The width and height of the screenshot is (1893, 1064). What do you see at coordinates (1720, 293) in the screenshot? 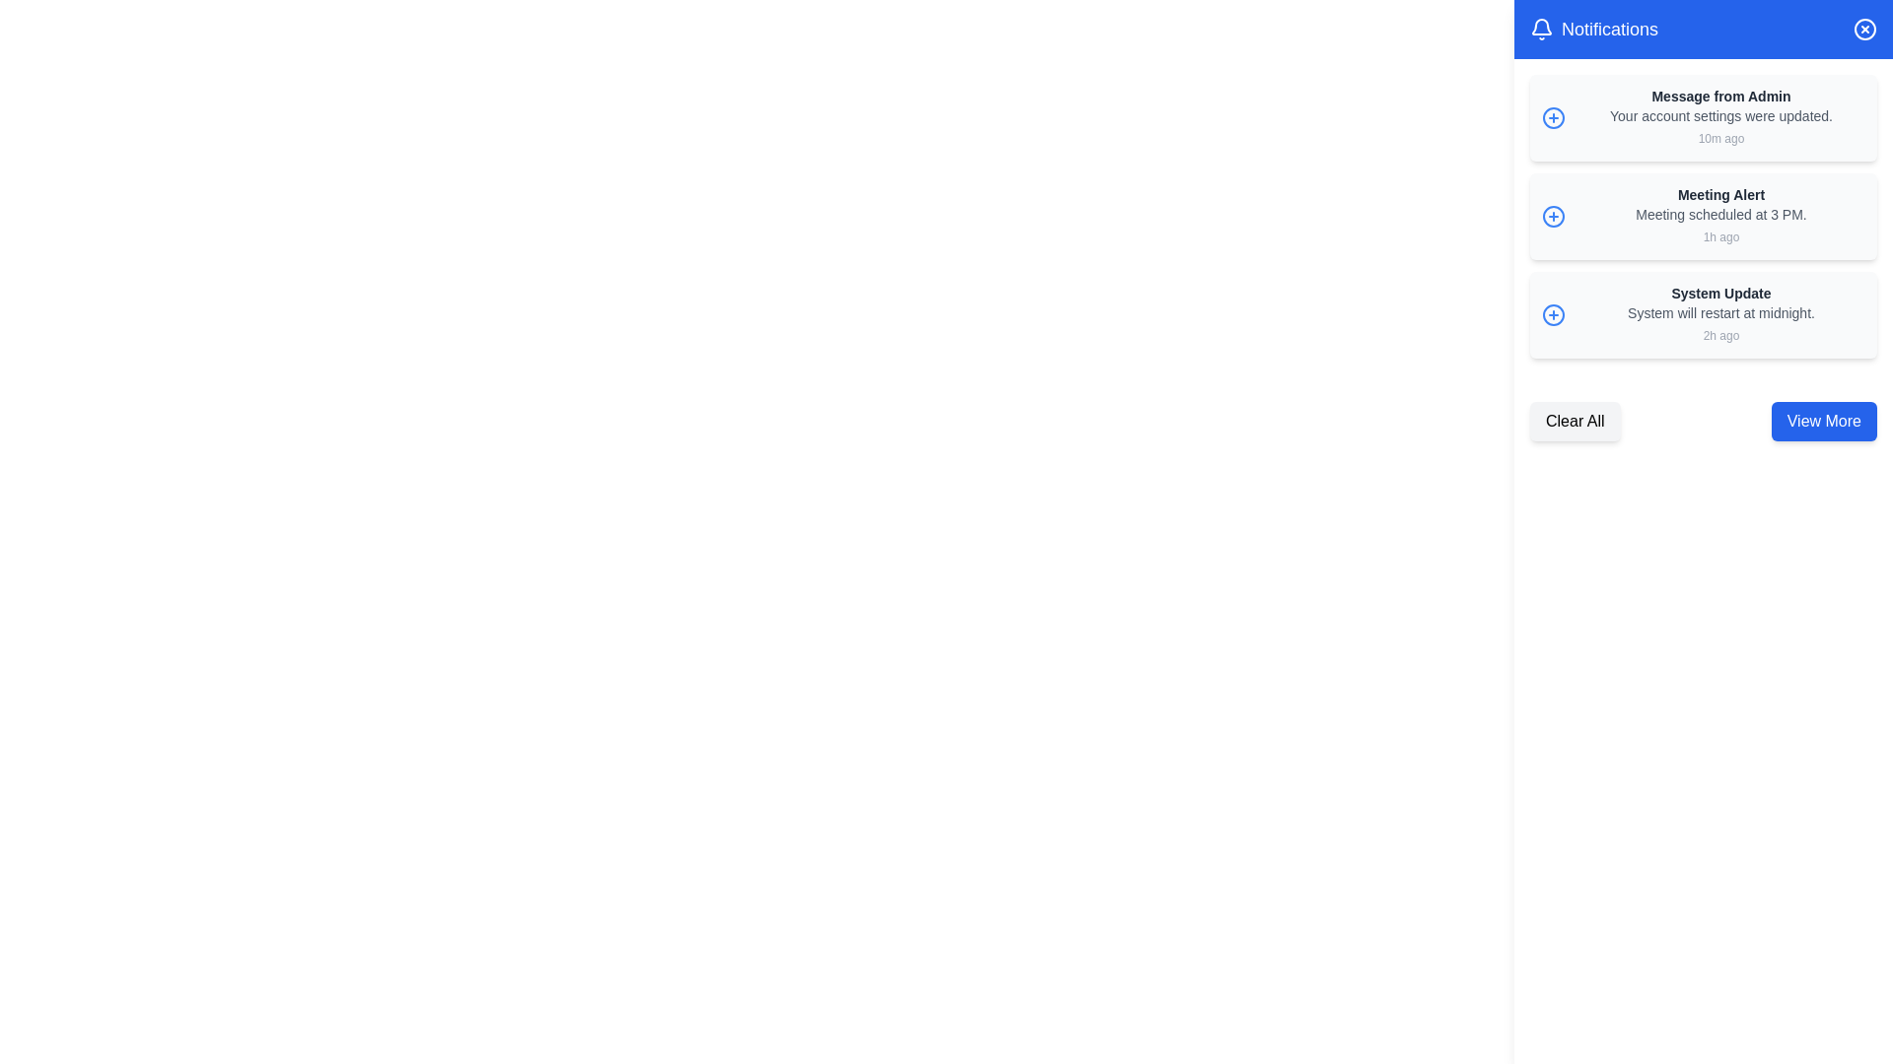
I see `the text label 'System Update' located at the top of the third notification card` at bounding box center [1720, 293].